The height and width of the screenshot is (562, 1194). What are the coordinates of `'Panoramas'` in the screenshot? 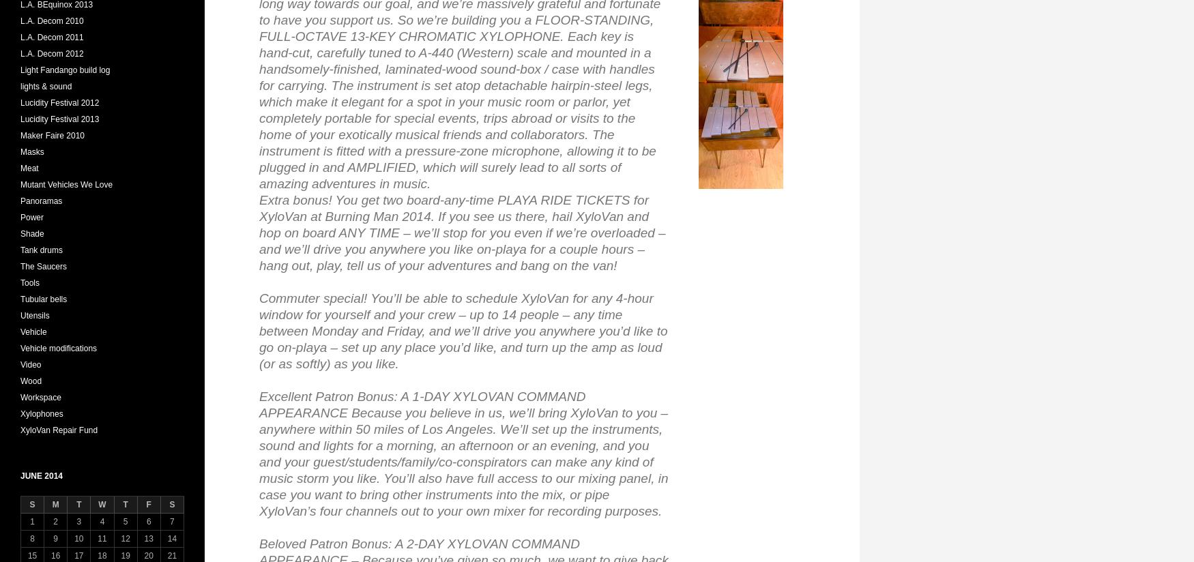 It's located at (40, 200).